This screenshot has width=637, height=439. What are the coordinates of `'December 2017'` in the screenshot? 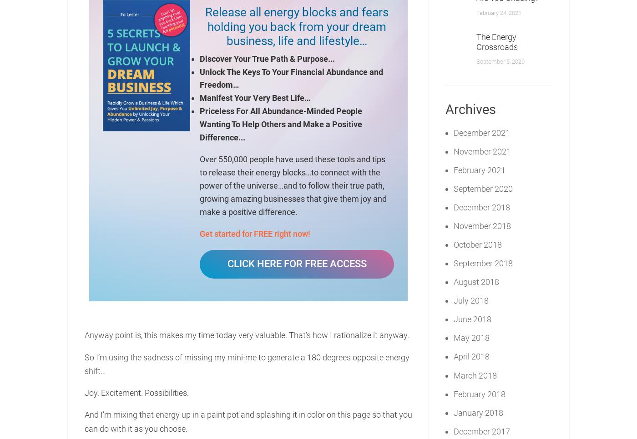 It's located at (481, 431).